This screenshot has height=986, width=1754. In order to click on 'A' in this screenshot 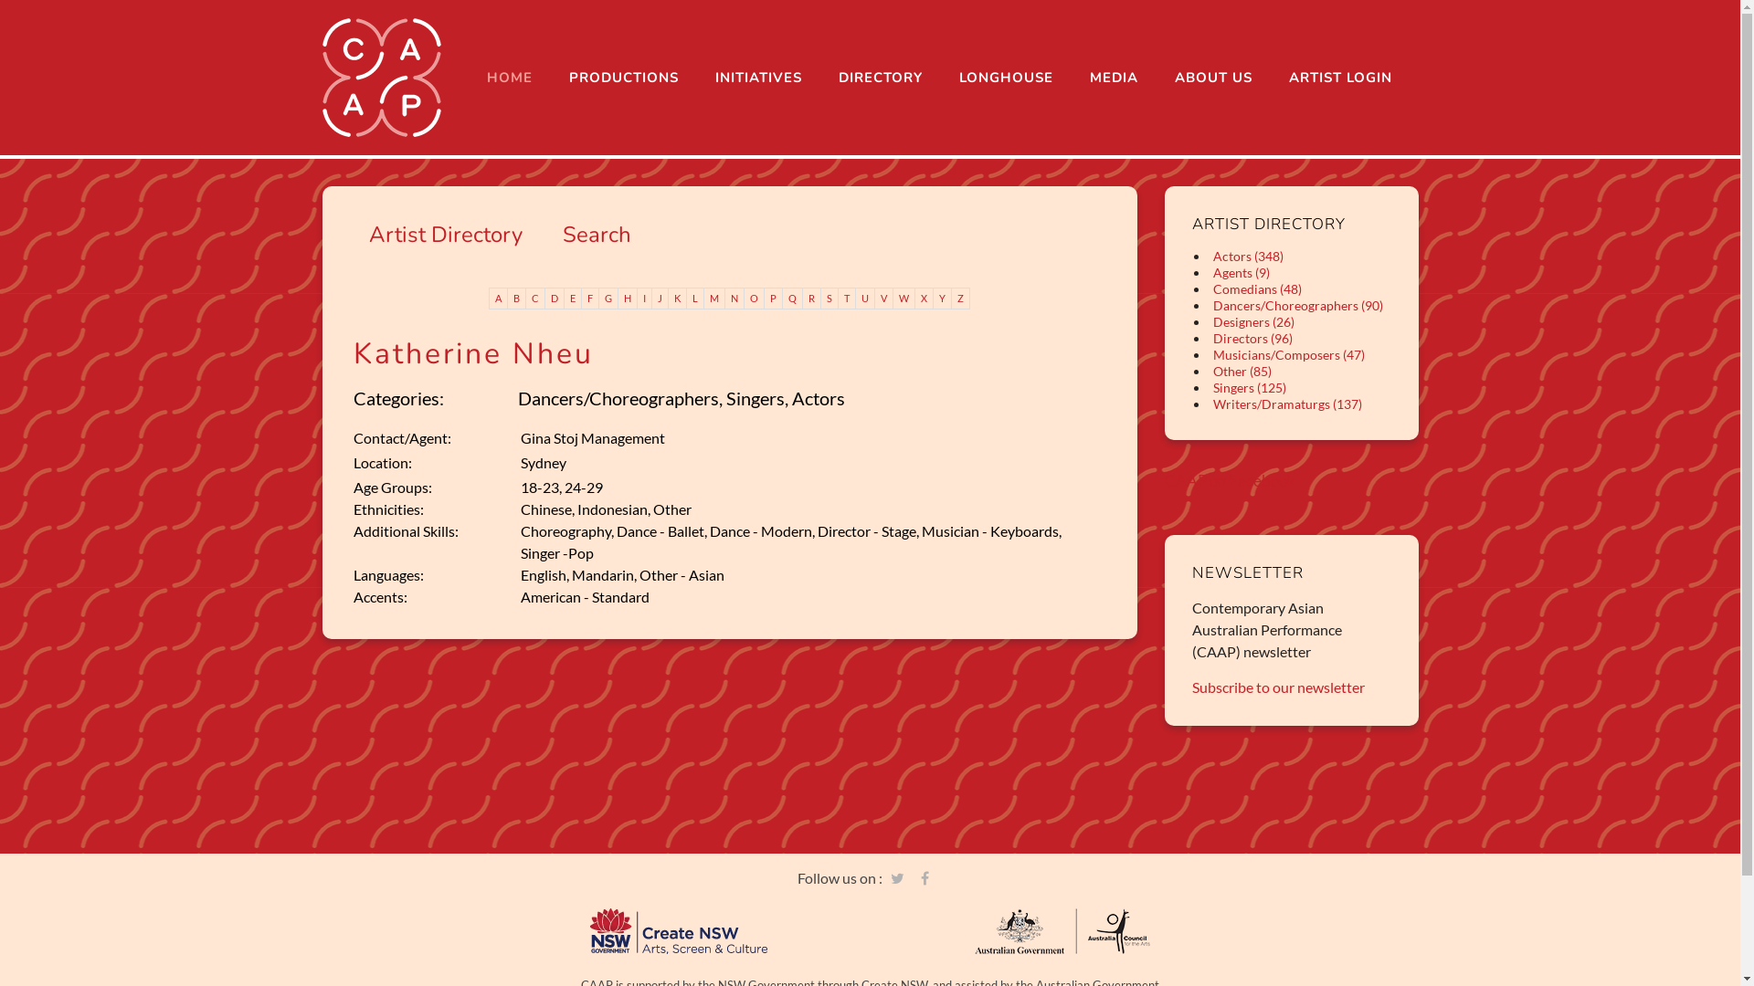, I will do `click(498, 298)`.